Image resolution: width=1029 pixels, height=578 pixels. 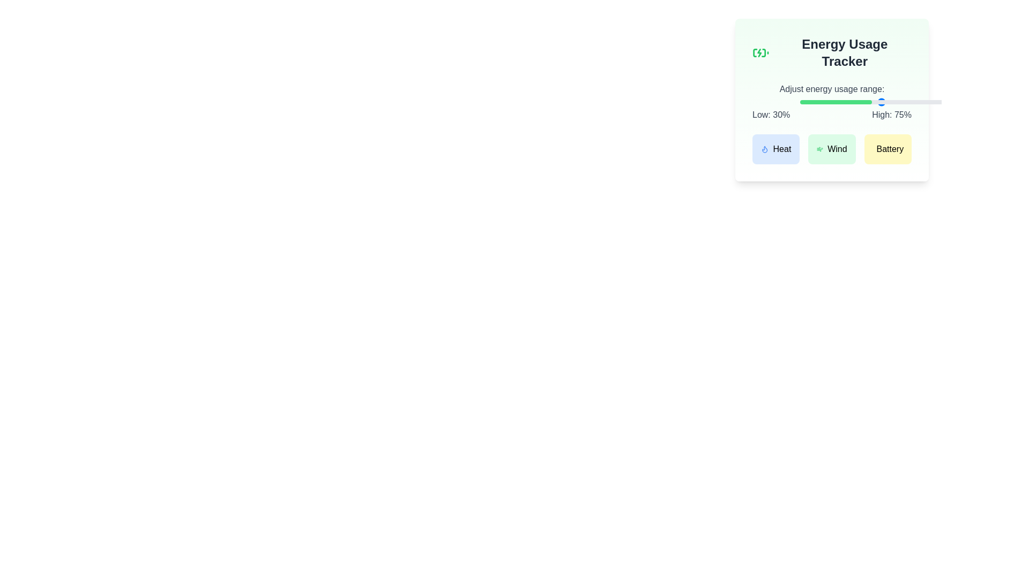 What do you see at coordinates (890, 149) in the screenshot?
I see `the 'Battery' button located at the bottom right corner of the 'Energy Usage Tracker' card for keyboard interaction` at bounding box center [890, 149].